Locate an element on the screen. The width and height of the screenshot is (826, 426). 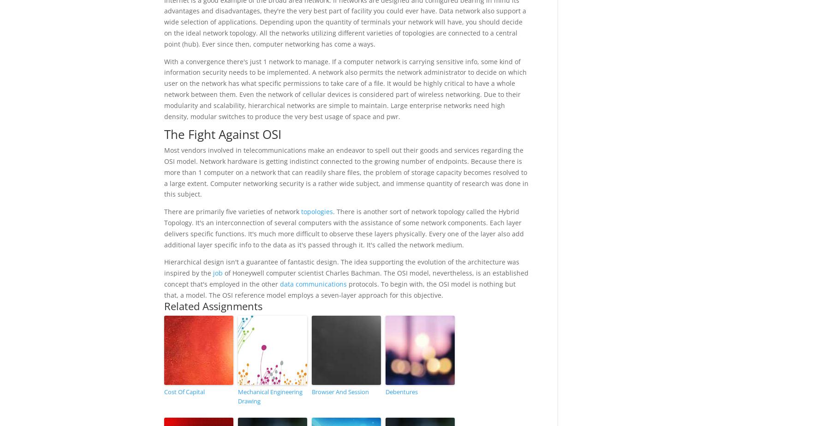
'With a convergence there's just 1 network to manage. If a computer network is carrying sensitive info, some kind of information security needs to be implemented. A network also permits the network administrator to decide on which user on the network has what specific permissions to take care of a file. It would be highly critical to have a whole network between them. Even the network of cellular devices is considered part of wireless networking. Due to their modularity and scalability, hierarchical networks are simple to maintain. Large enterprise networks need high density, modular switches to produce the very best usage of space and pwr.' is located at coordinates (345, 88).